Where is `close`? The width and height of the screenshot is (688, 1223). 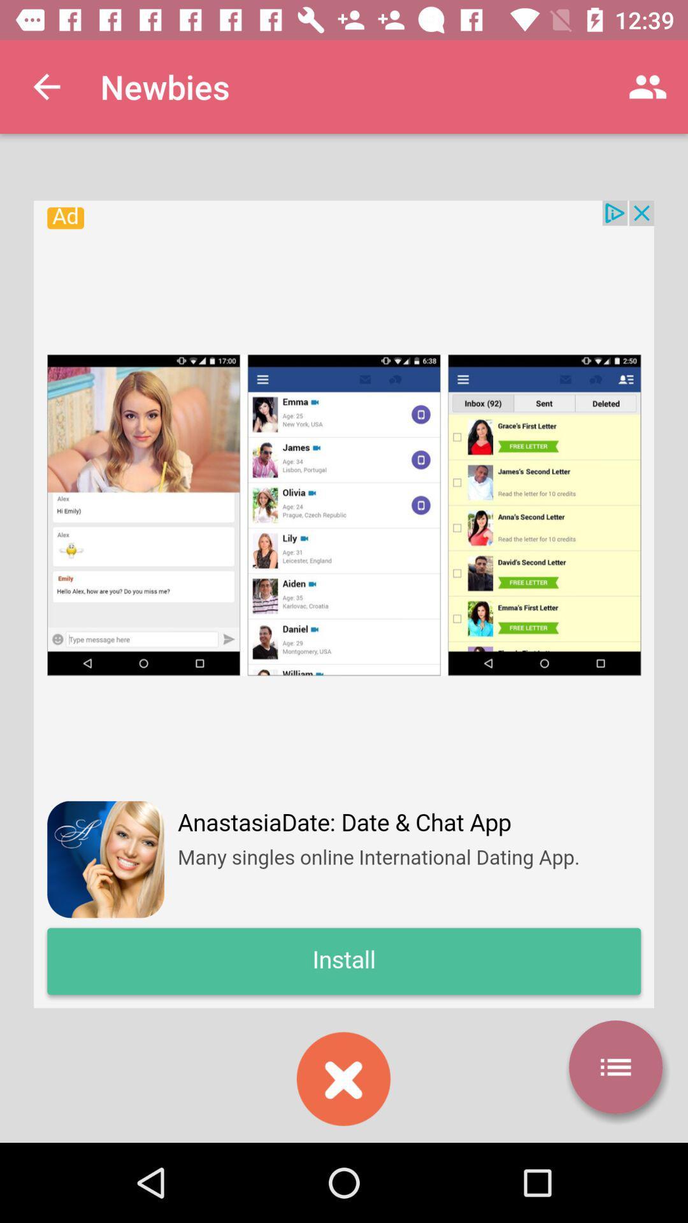
close is located at coordinates (343, 1078).